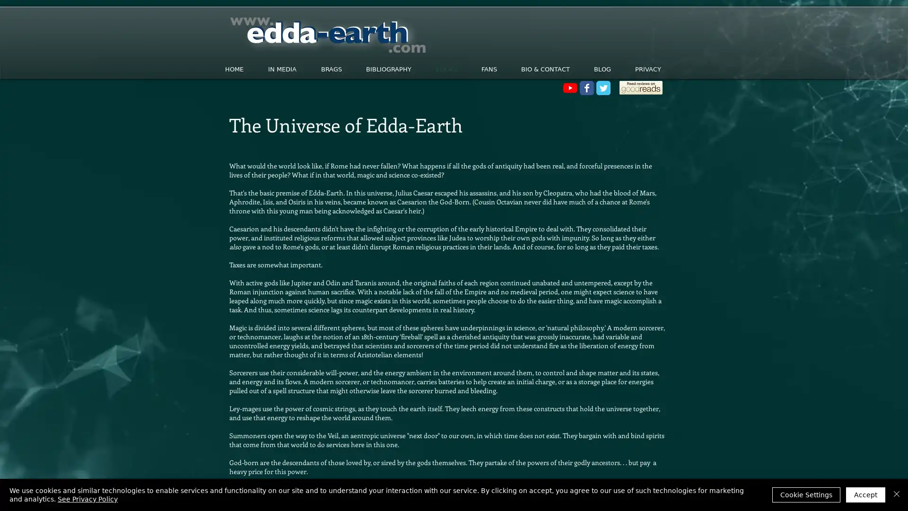 The width and height of the screenshot is (908, 511). I want to click on Accept, so click(865, 494).